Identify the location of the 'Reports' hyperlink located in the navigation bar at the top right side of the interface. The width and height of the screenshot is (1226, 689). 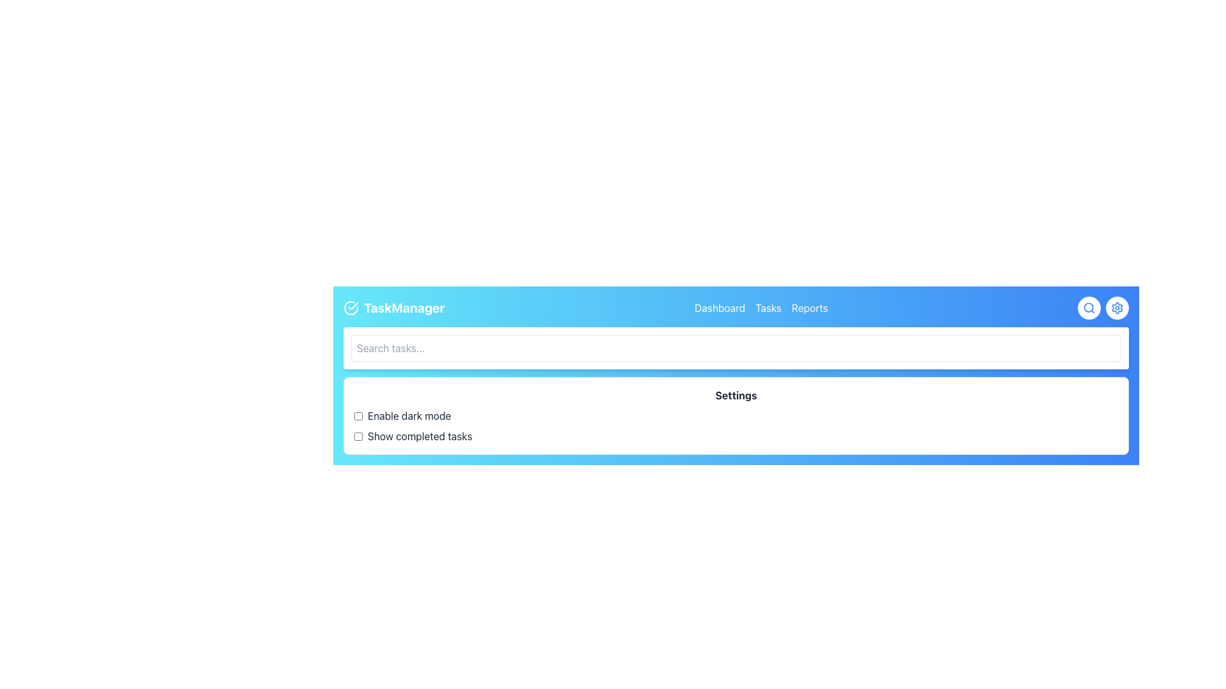
(809, 307).